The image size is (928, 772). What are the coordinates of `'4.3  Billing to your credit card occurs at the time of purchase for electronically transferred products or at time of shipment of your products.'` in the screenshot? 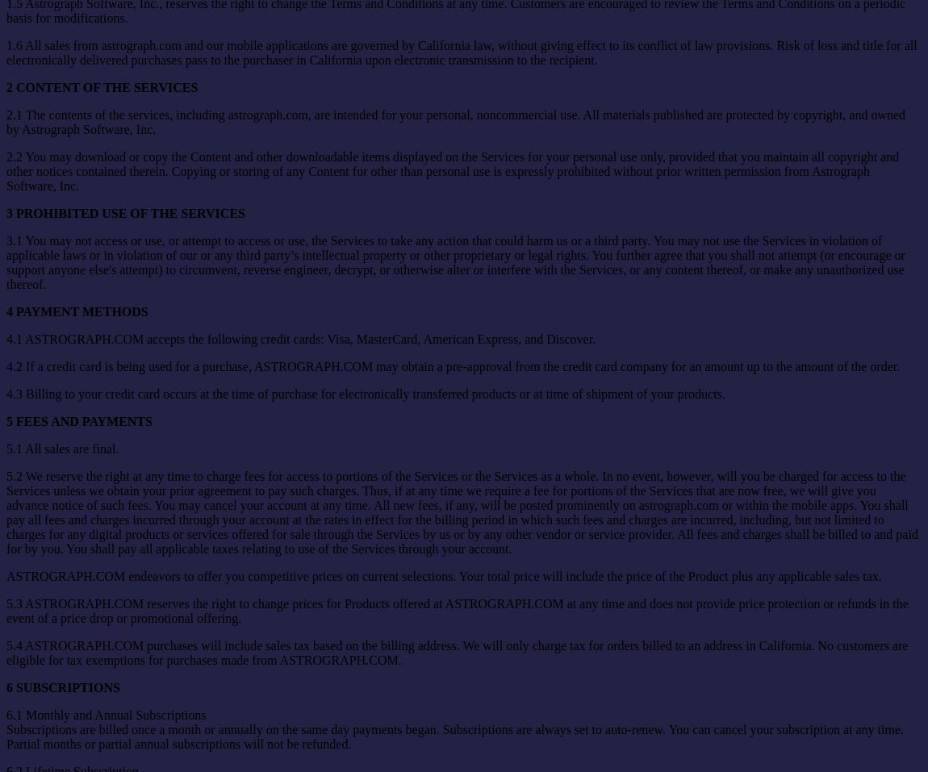 It's located at (365, 393).